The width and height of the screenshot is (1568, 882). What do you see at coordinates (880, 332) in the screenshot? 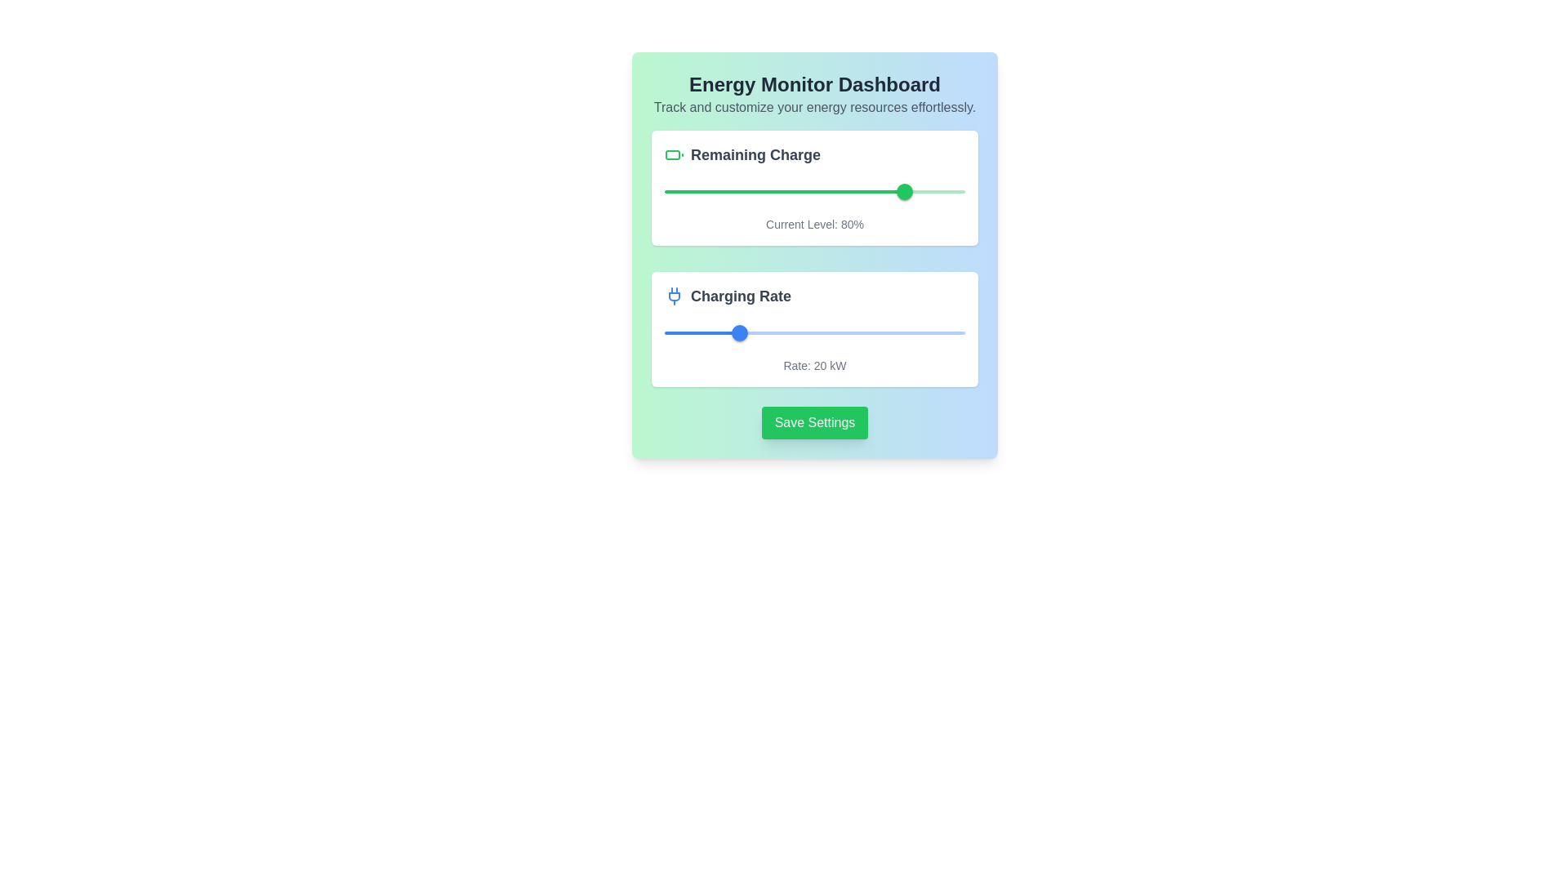
I see `the slider` at bounding box center [880, 332].